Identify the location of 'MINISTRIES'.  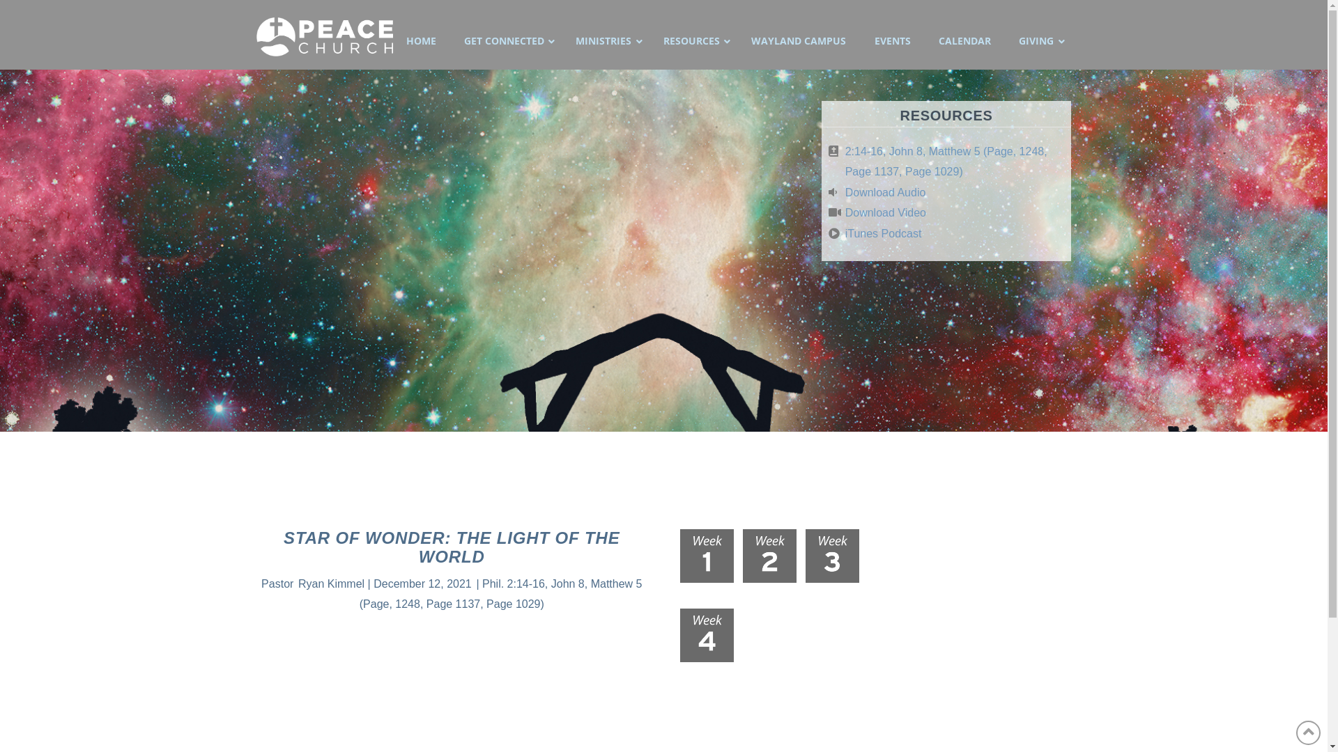
(605, 40).